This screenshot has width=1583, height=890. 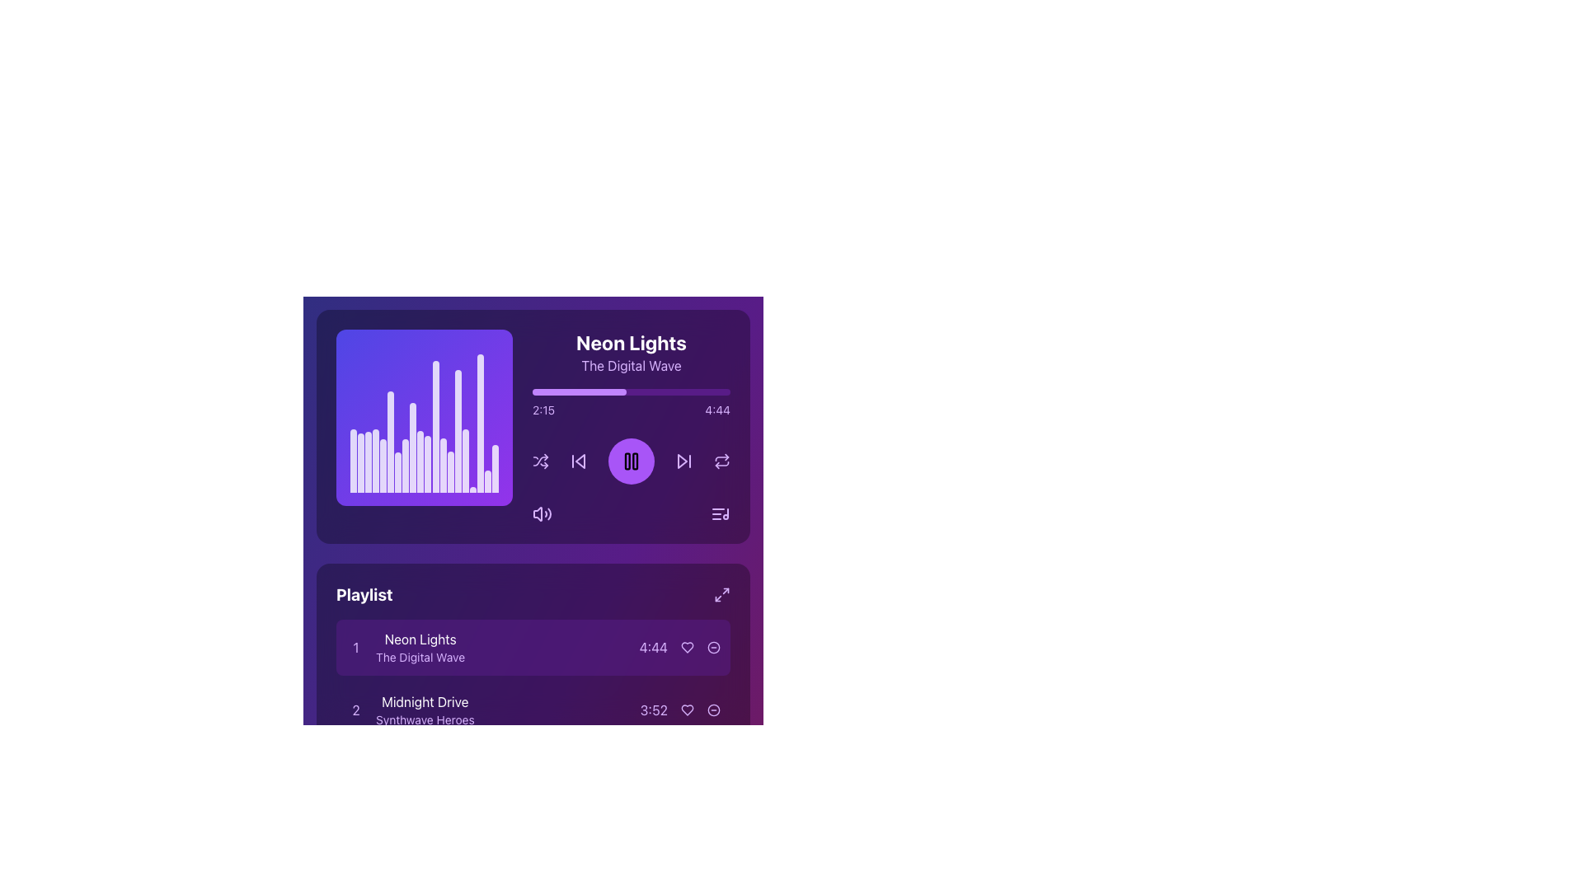 I want to click on the fifth Visualizer bar from the left in the top-left region of the interface as it animates, so click(x=382, y=466).